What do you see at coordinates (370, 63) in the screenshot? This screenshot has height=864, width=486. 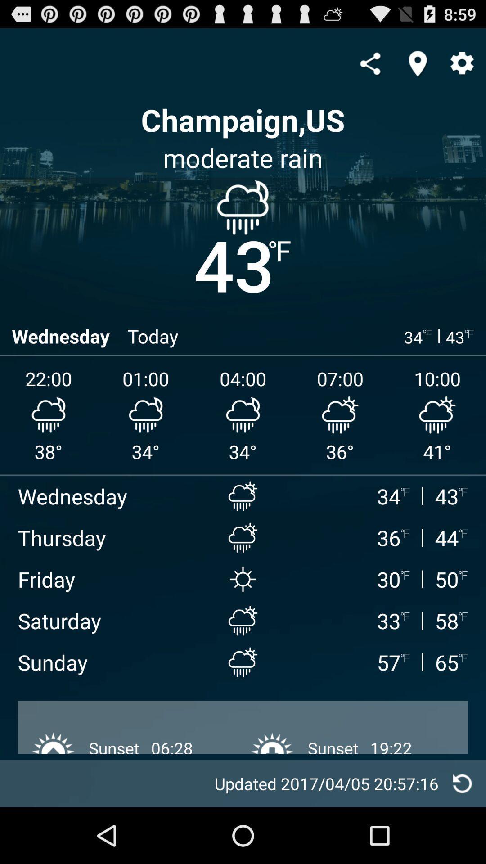 I see `click on sharing icon` at bounding box center [370, 63].